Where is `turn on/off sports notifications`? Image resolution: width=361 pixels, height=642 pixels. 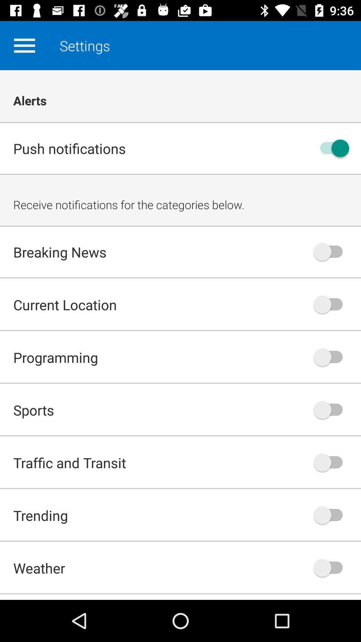
turn on/off sports notifications is located at coordinates (331, 409).